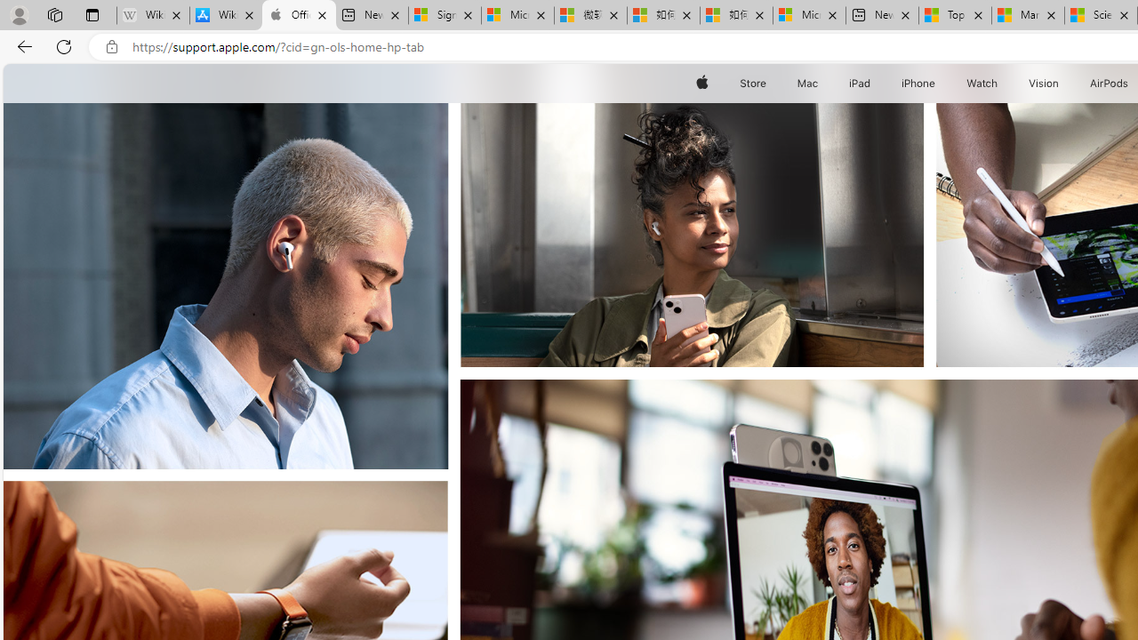 The height and width of the screenshot is (640, 1138). Describe the element at coordinates (1045, 83) in the screenshot. I see `'Vision'` at that location.